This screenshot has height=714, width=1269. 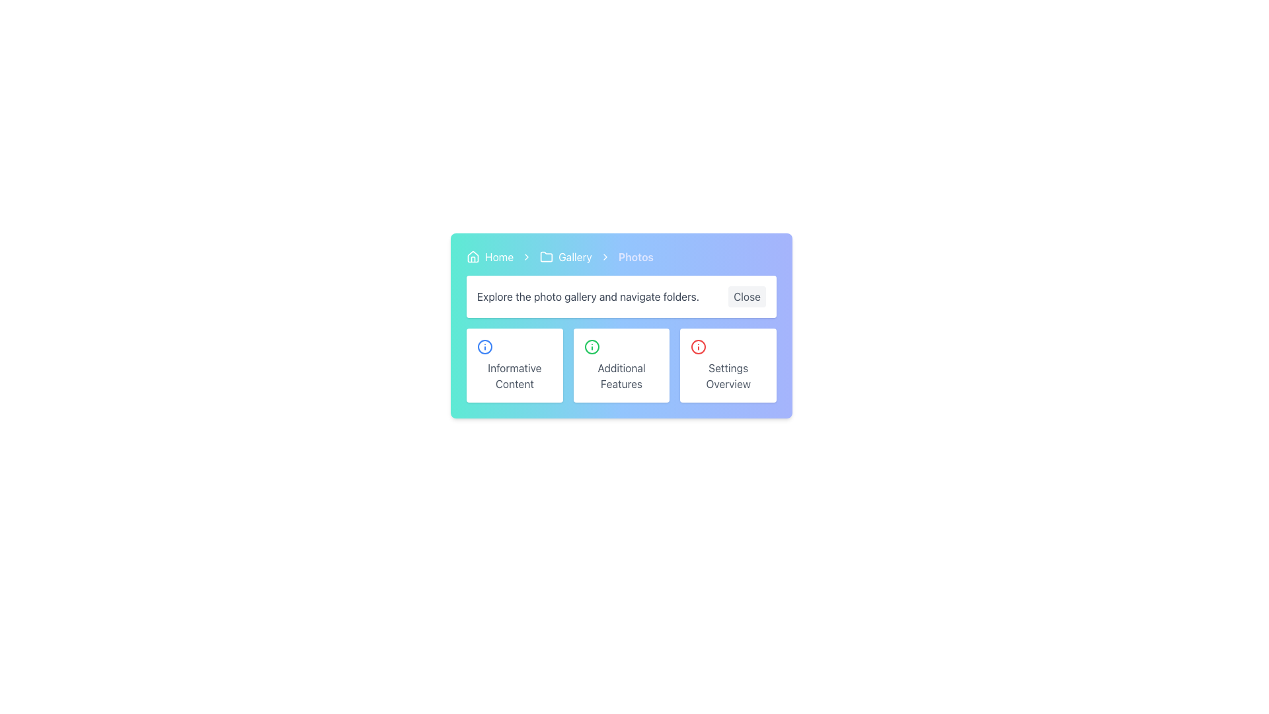 What do you see at coordinates (621, 376) in the screenshot?
I see `the descriptive text label located under the green info icon in the central tile of the interface` at bounding box center [621, 376].